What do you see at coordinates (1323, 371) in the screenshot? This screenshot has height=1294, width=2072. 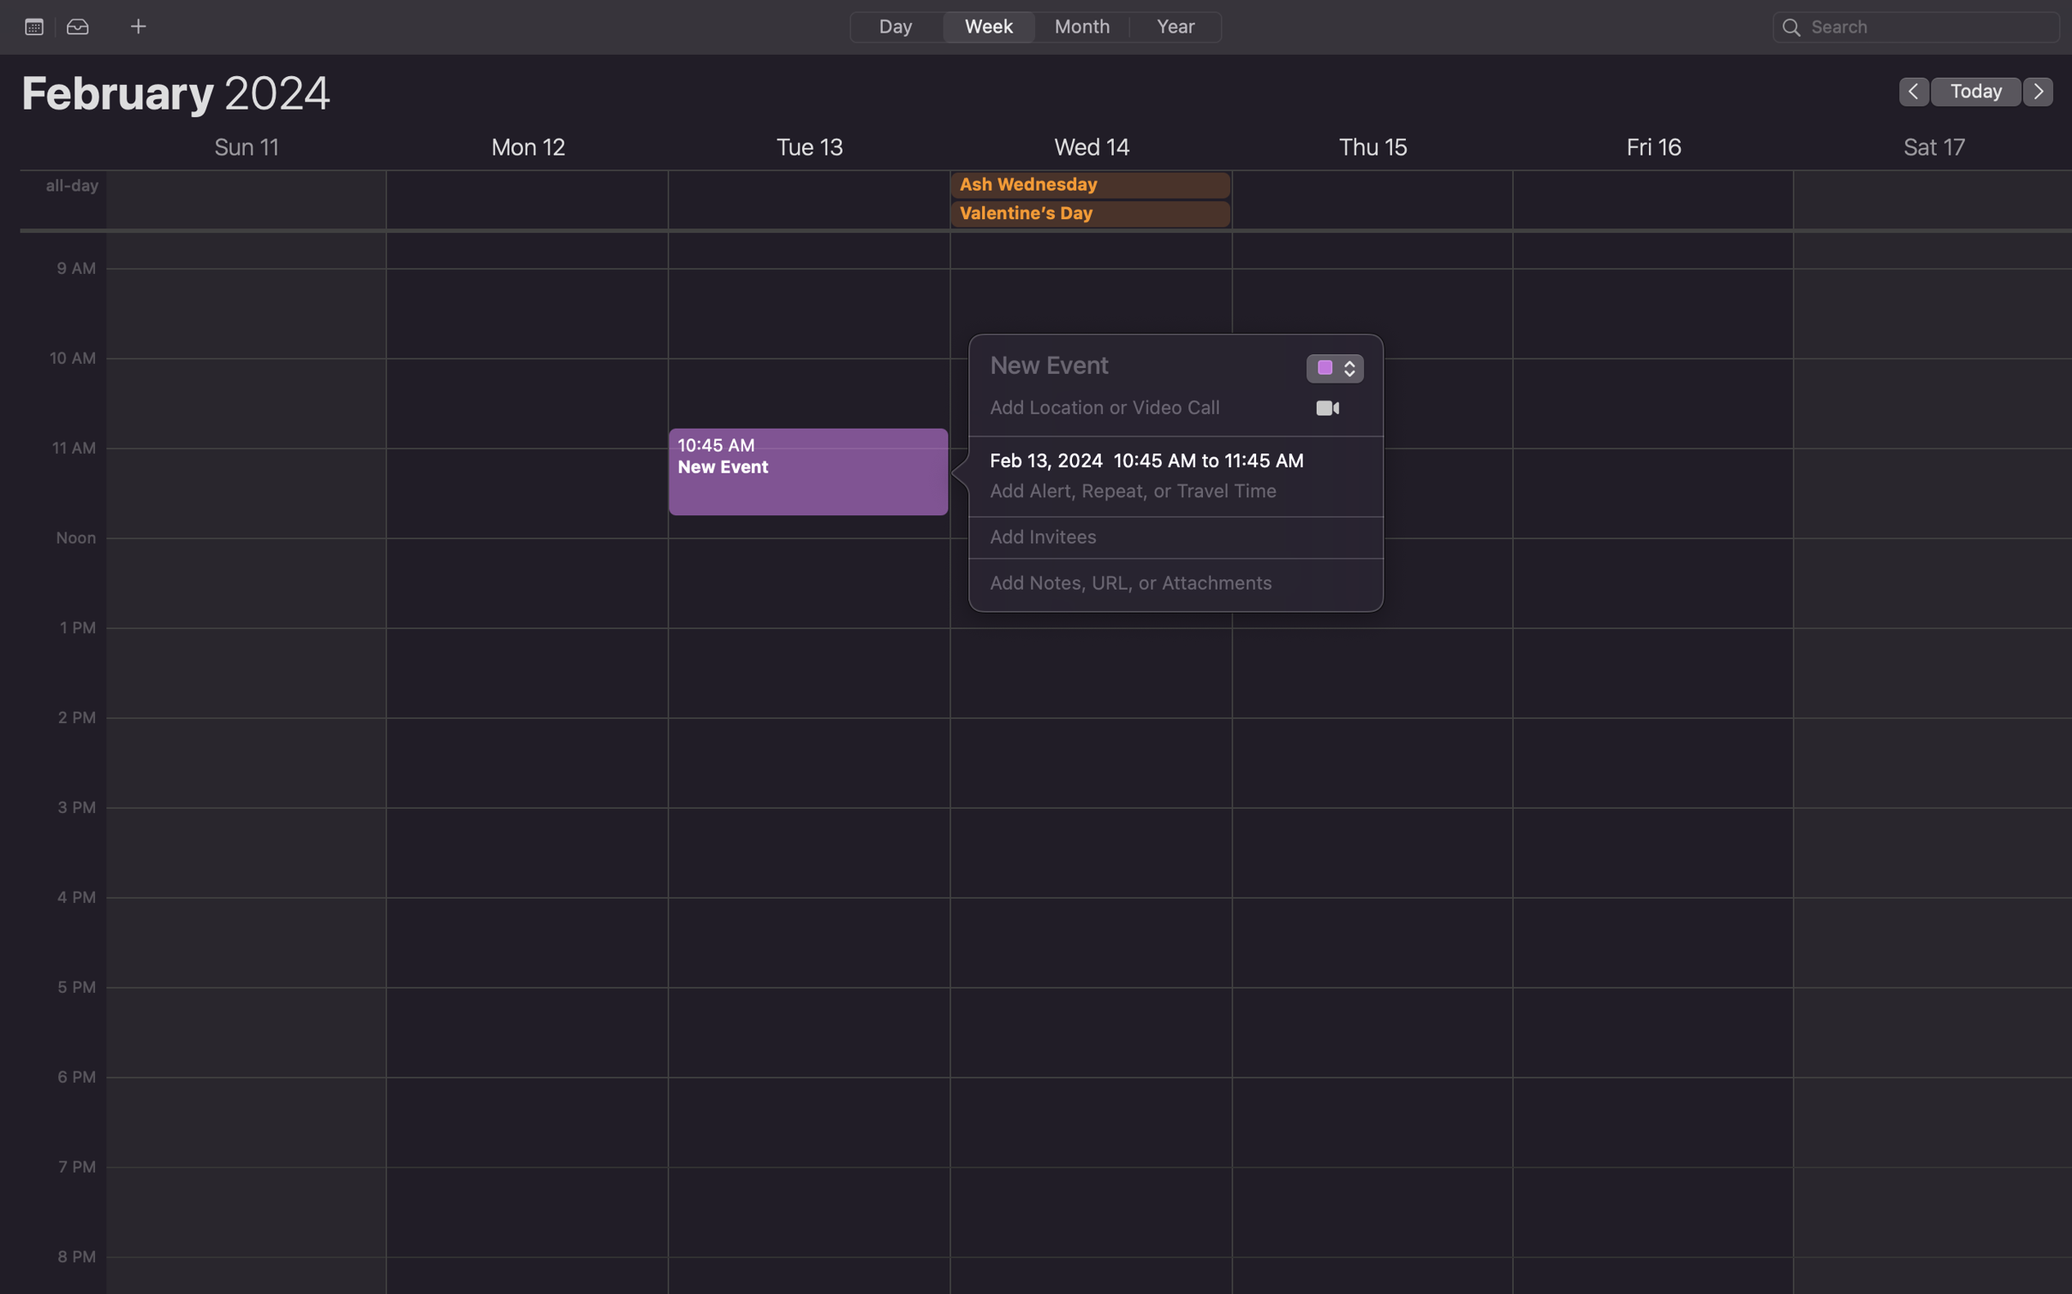 I see `Enter the event category as "Birthday Party"` at bounding box center [1323, 371].